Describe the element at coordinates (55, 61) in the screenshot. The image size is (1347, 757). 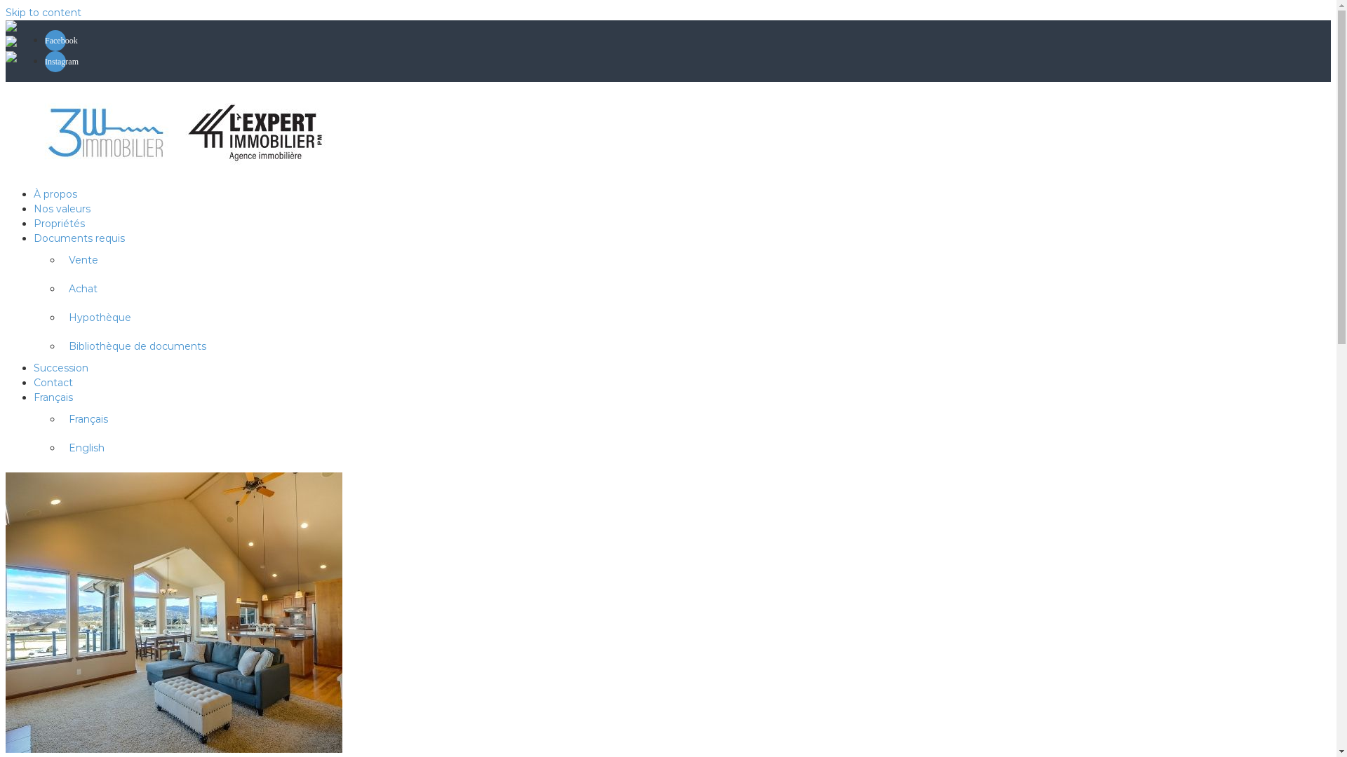
I see `'Instagram'` at that location.